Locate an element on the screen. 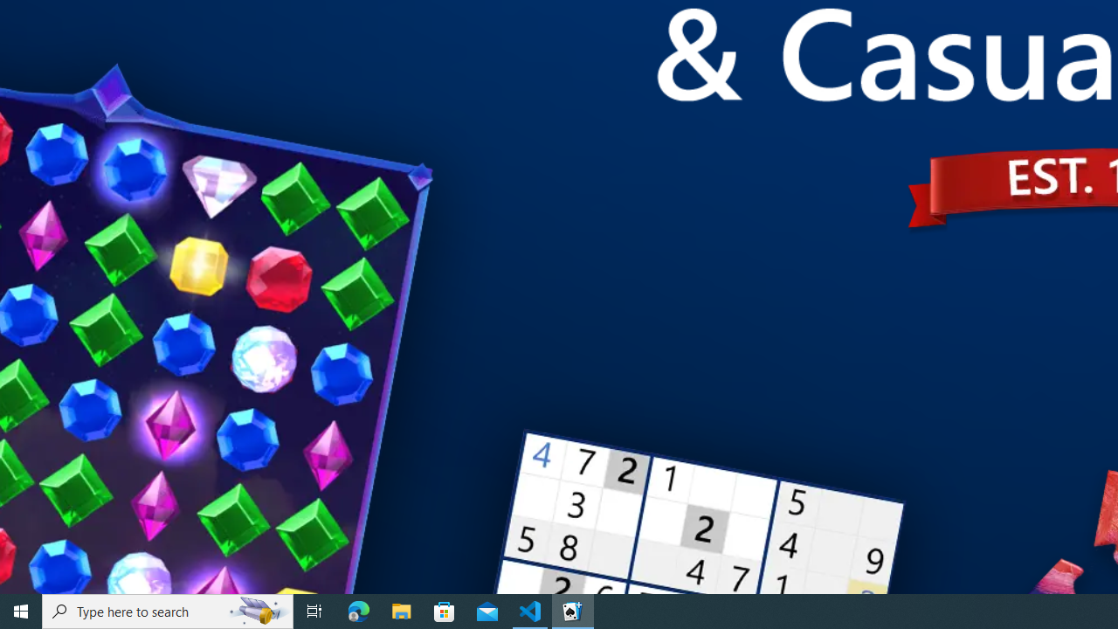 This screenshot has width=1118, height=629. 'Microsoft Store' is located at coordinates (445, 610).